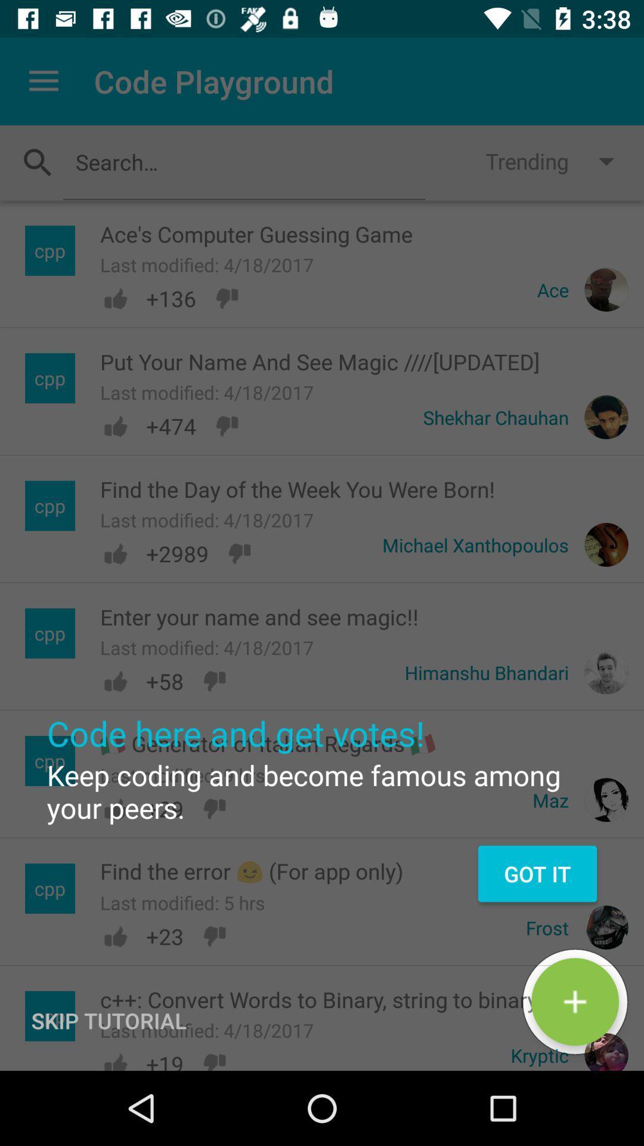 The height and width of the screenshot is (1146, 644). Describe the element at coordinates (574, 1002) in the screenshot. I see `the add icon` at that location.